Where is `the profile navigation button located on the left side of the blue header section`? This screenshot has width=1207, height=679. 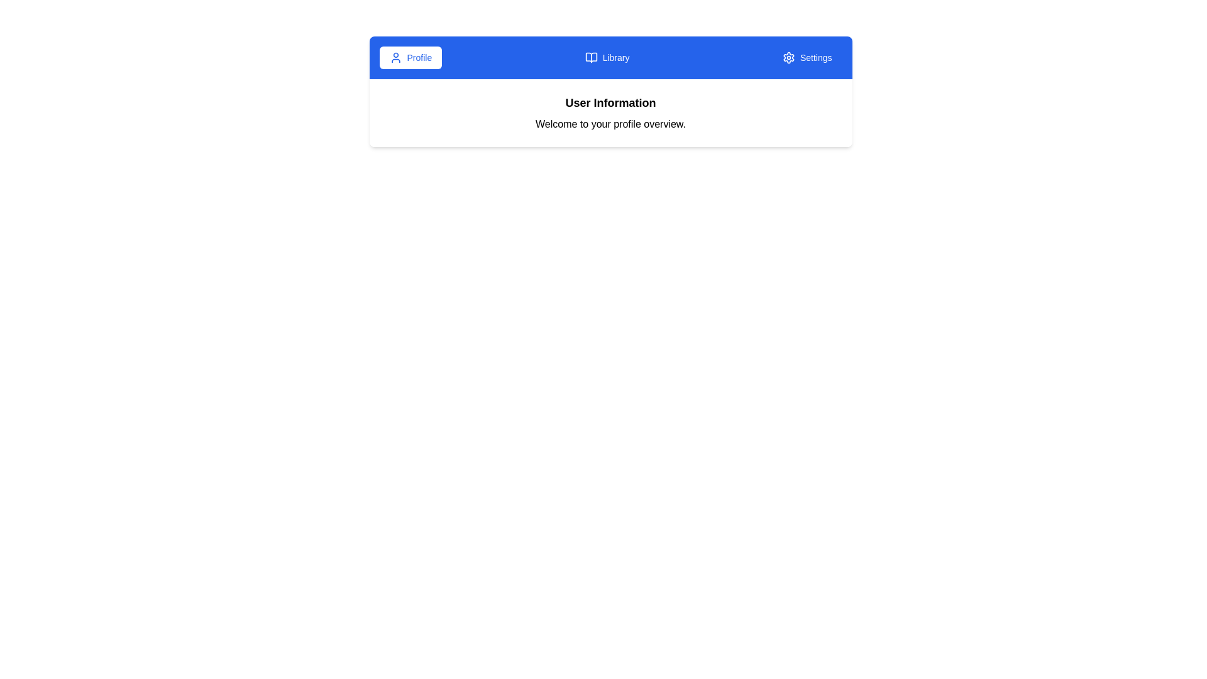 the profile navigation button located on the left side of the blue header section is located at coordinates (411, 58).